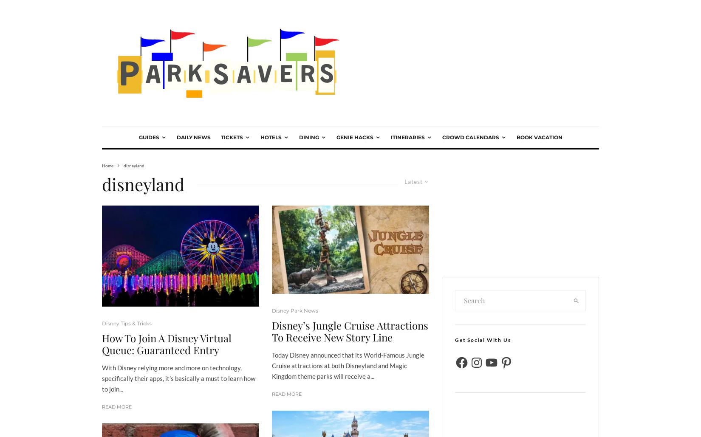 The height and width of the screenshot is (437, 701). What do you see at coordinates (107, 164) in the screenshot?
I see `'Home'` at bounding box center [107, 164].